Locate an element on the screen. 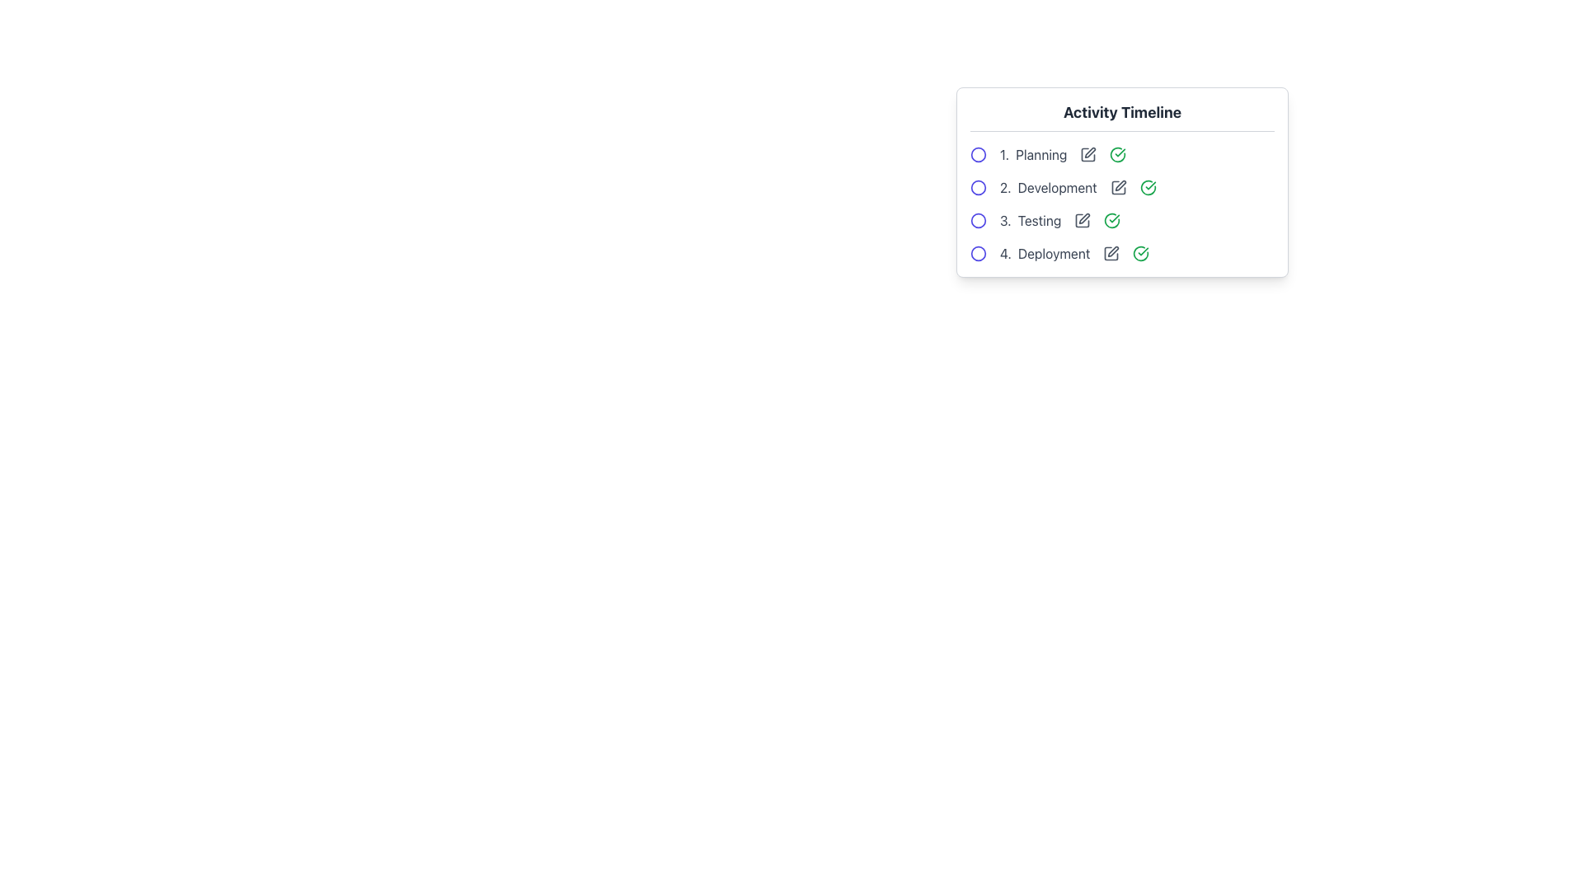 The width and height of the screenshot is (1583, 890). the edit button icon resembling a pencil located next to the text '4. Deployment' in the activity timeline is located at coordinates (1111, 254).